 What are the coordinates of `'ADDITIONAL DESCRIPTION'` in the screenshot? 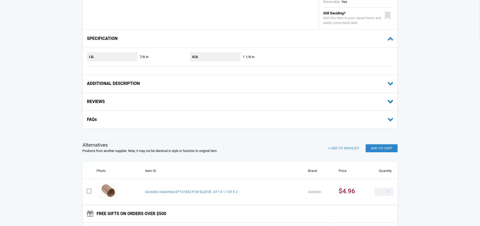 It's located at (113, 83).